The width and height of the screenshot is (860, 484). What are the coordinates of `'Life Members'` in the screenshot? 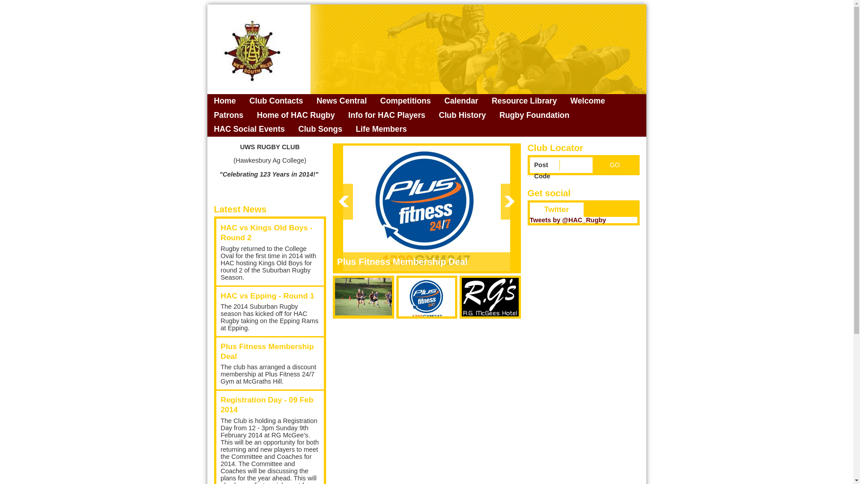 It's located at (381, 130).